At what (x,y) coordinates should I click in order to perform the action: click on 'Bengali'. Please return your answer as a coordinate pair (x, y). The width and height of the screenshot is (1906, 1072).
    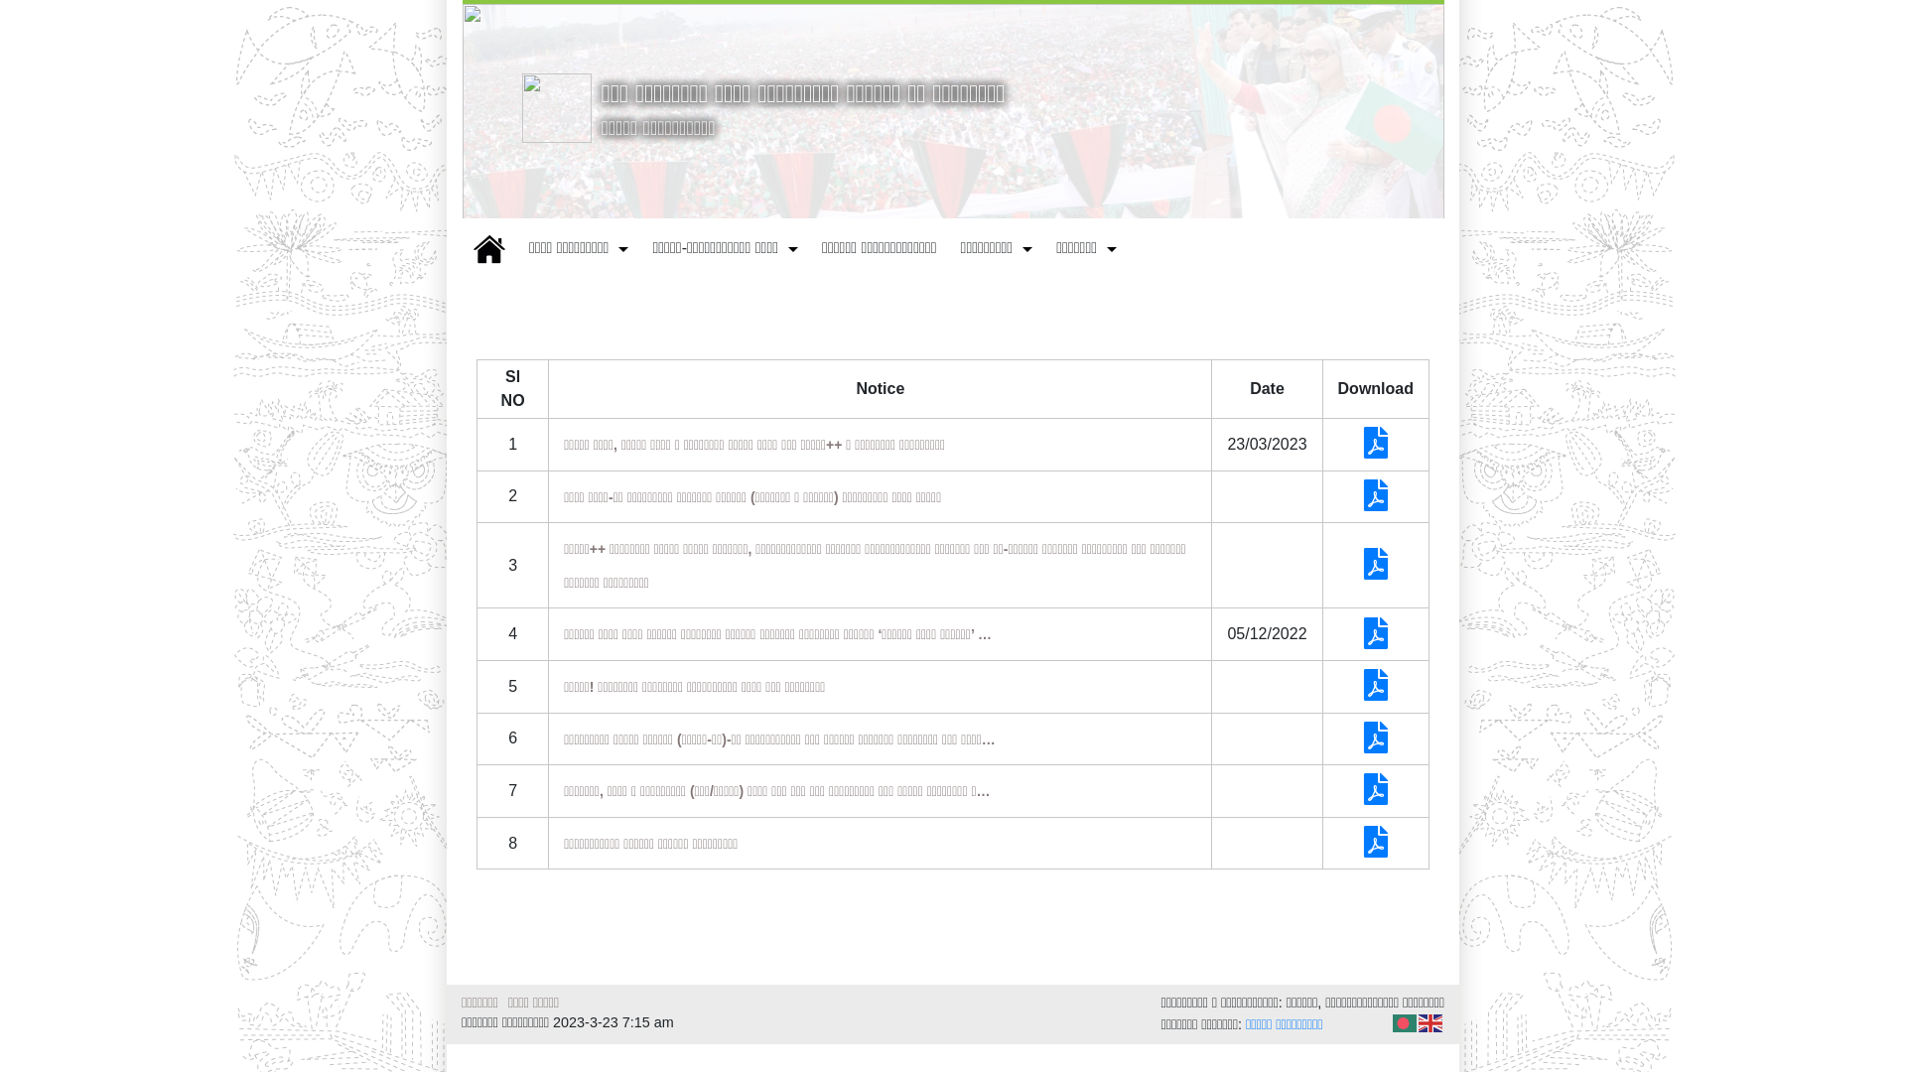
    Looking at the image, I should click on (1405, 1022).